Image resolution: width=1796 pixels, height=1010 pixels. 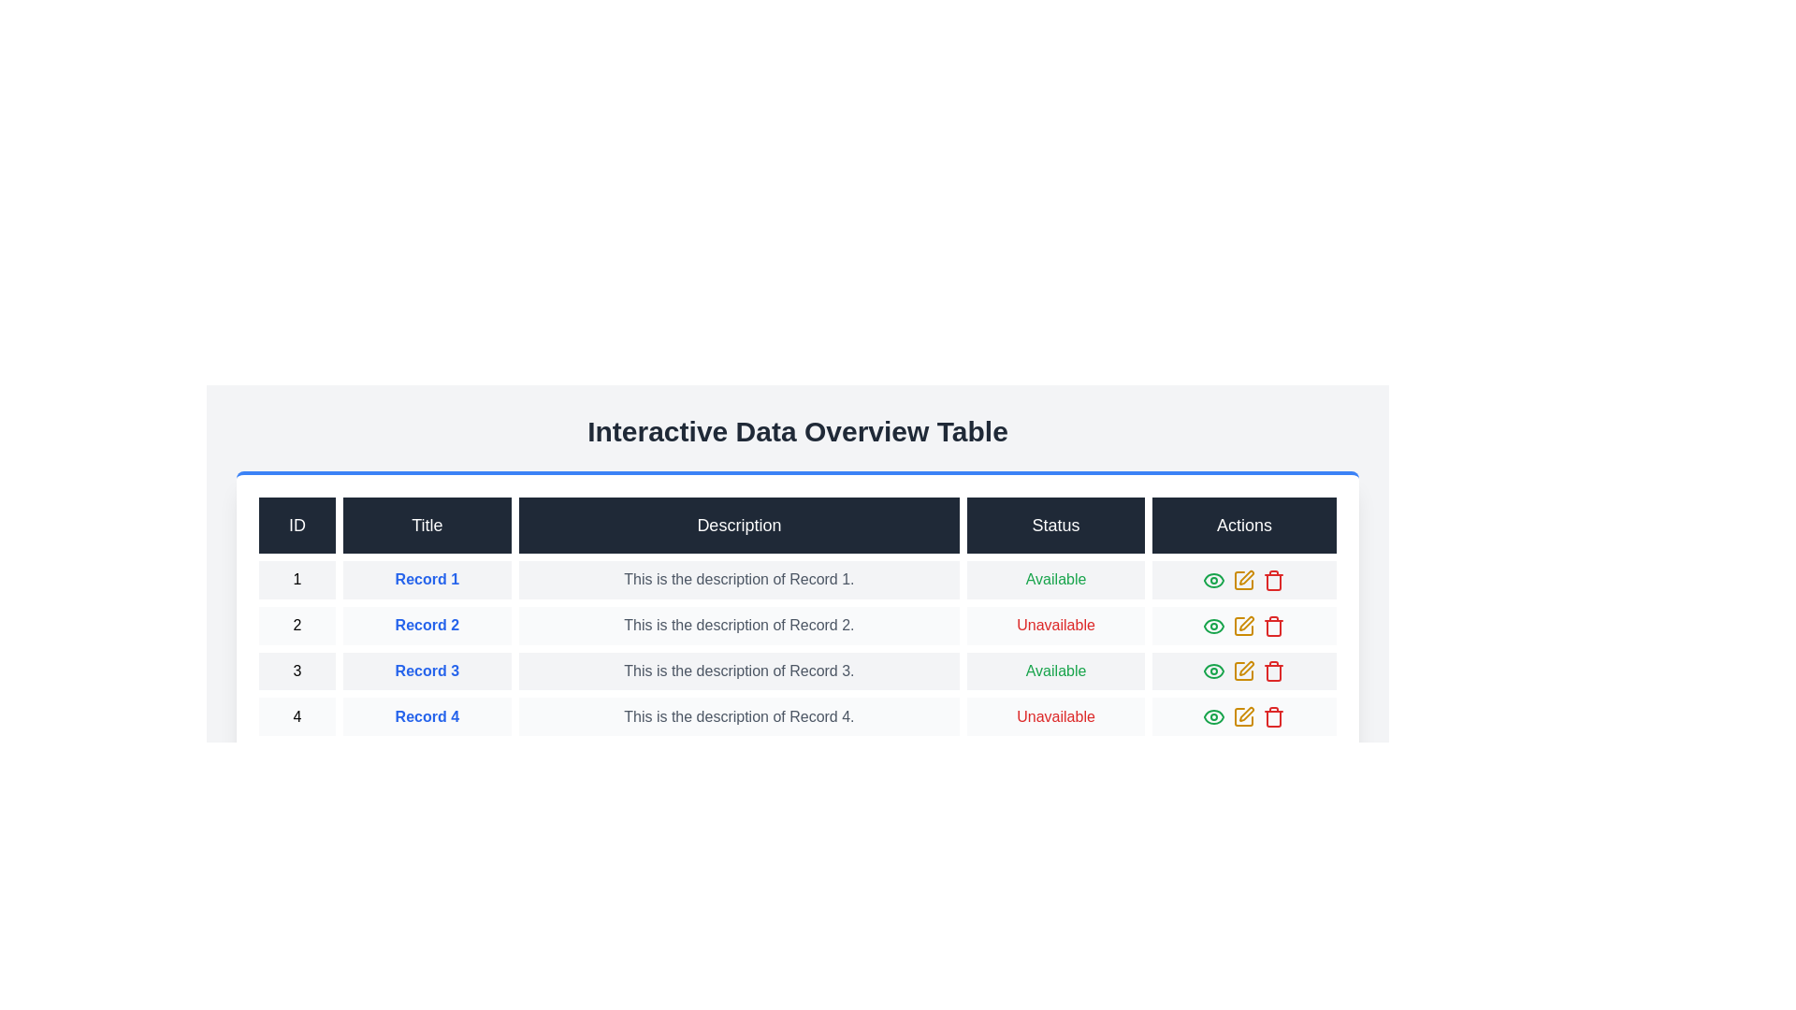 I want to click on the column header Status to sort the table by that column, so click(x=1056, y=526).